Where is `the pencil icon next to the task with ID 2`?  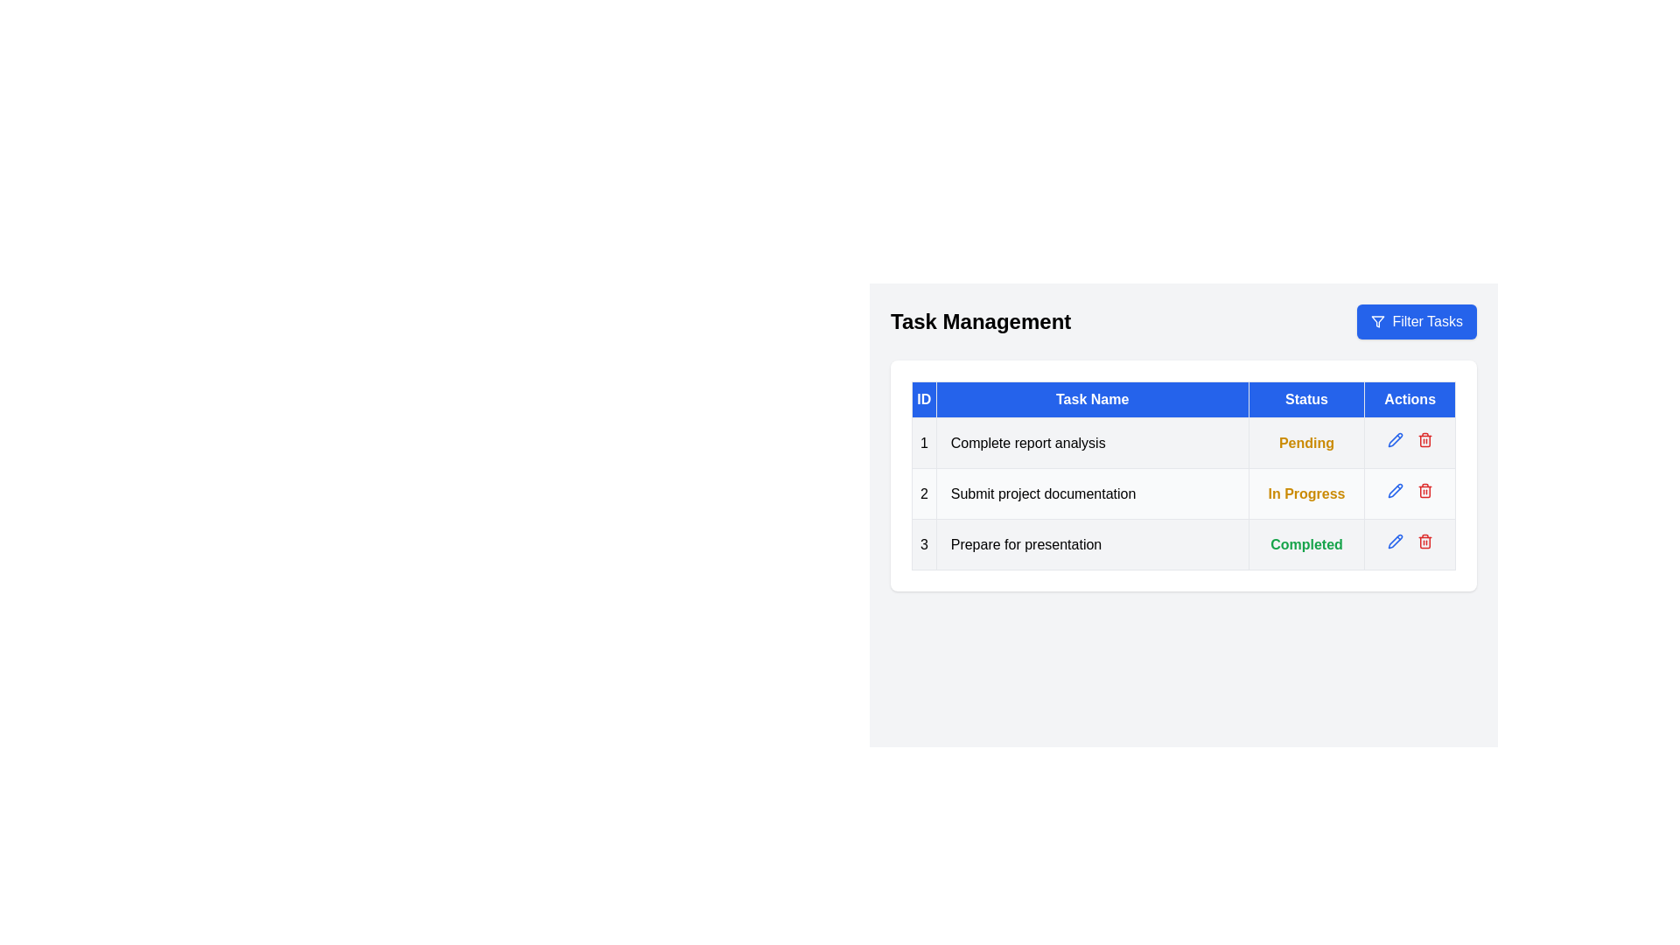 the pencil icon next to the task with ID 2 is located at coordinates (1394, 490).